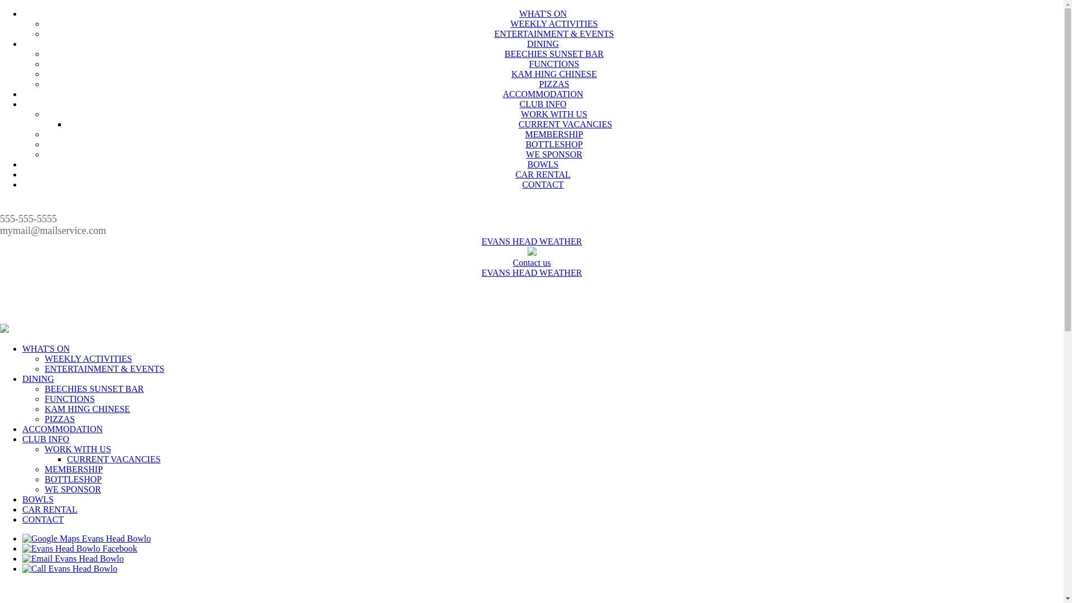 This screenshot has width=1072, height=603. What do you see at coordinates (45, 388) in the screenshot?
I see `'BEECHIES SUNSET BAR'` at bounding box center [45, 388].